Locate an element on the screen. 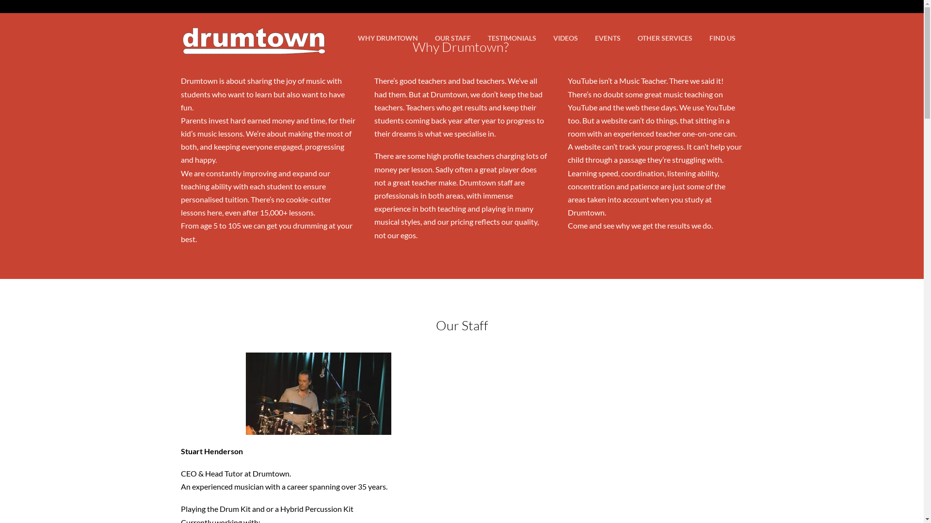  'Drumtown' is located at coordinates (253, 32).